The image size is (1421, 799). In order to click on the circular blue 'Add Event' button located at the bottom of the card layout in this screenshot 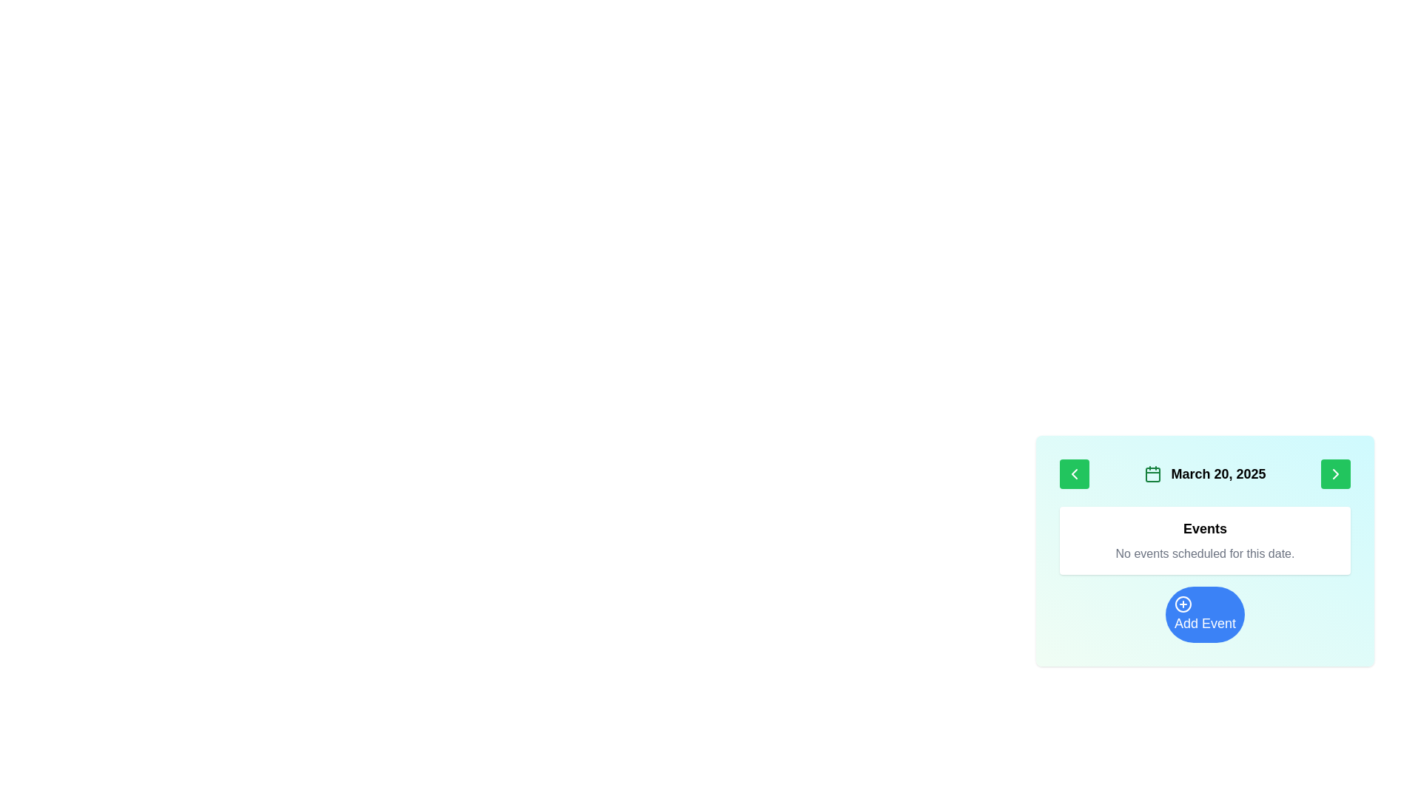, I will do `click(1205, 614)`.